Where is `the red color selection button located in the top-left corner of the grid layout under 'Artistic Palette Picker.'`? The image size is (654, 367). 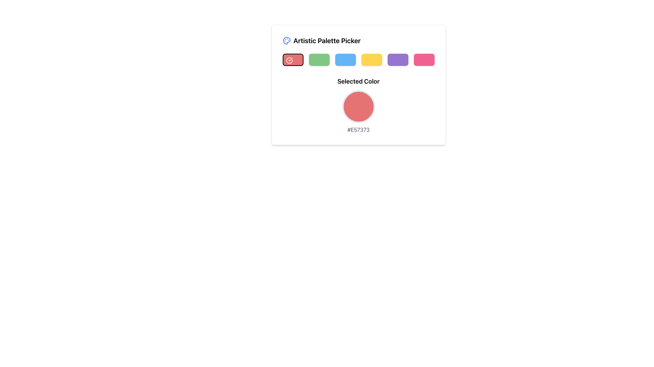 the red color selection button located in the top-left corner of the grid layout under 'Artistic Palette Picker.' is located at coordinates (293, 59).